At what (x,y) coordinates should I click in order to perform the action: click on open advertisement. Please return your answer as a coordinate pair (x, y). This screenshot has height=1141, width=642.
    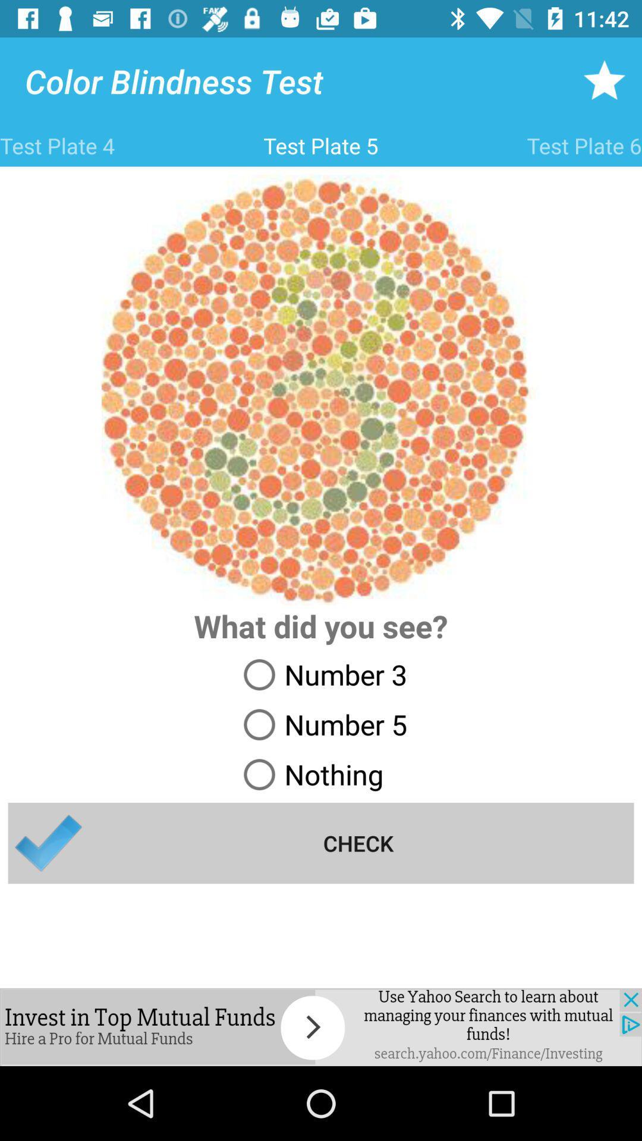
    Looking at the image, I should click on (321, 1026).